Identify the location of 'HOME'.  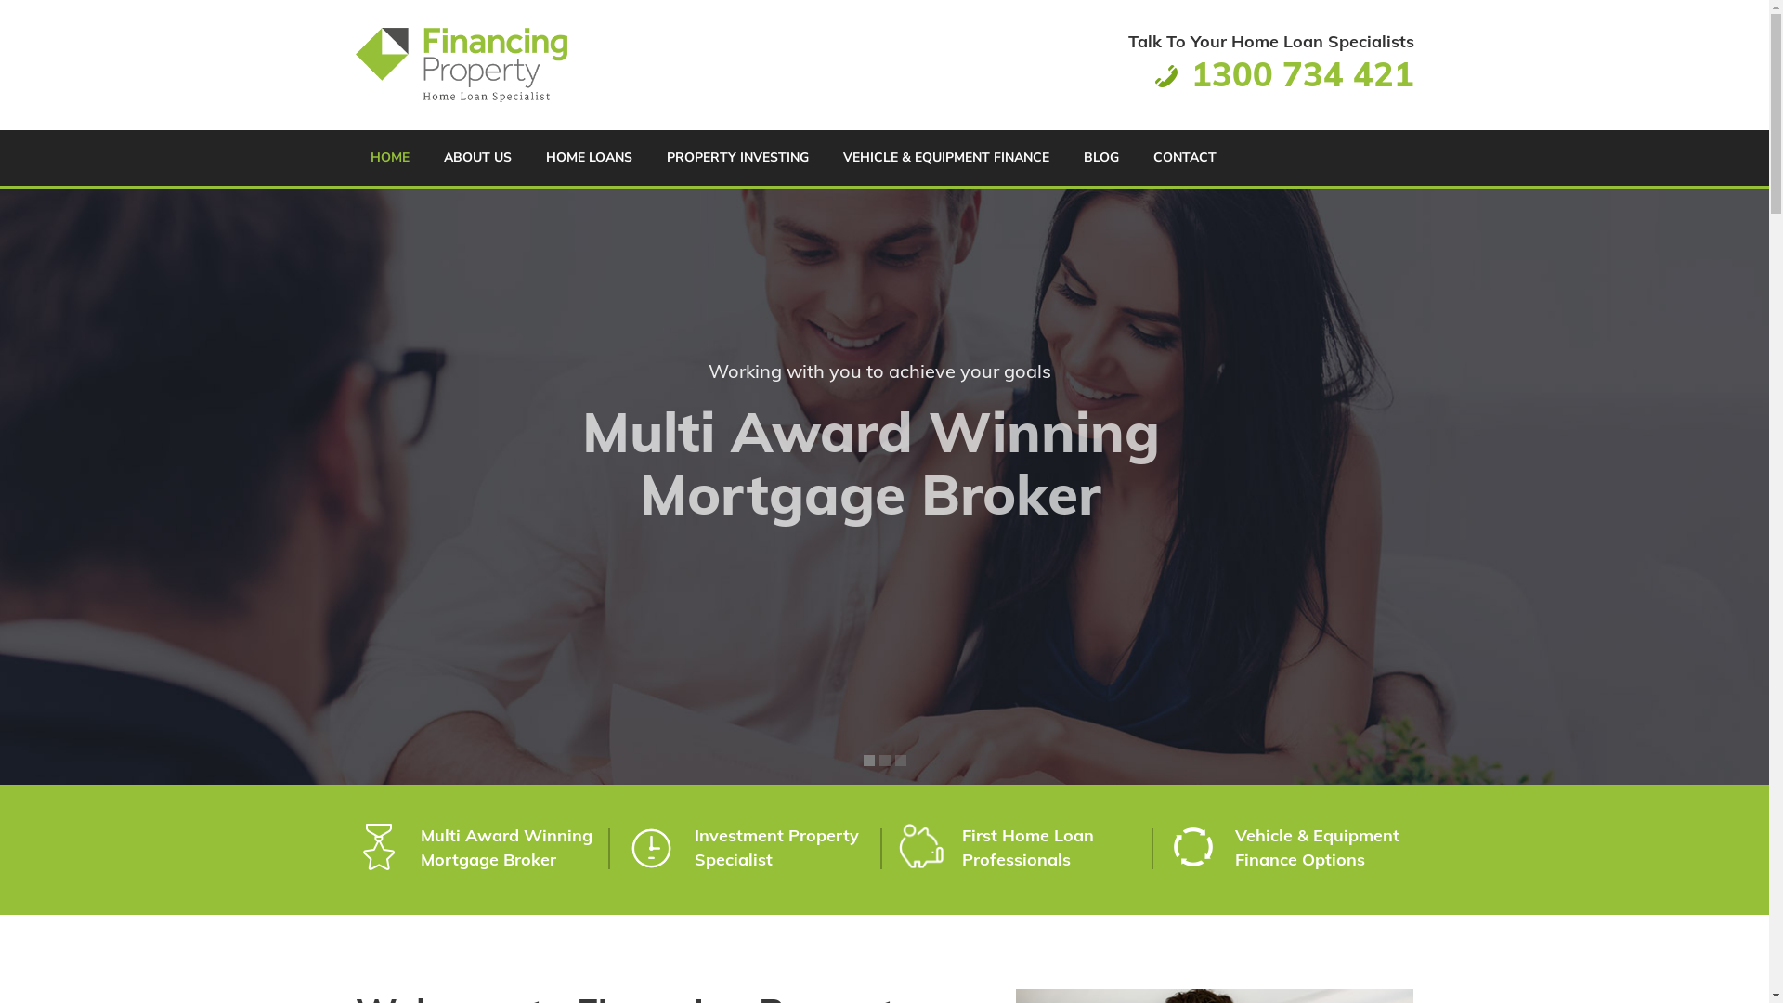
(387, 156).